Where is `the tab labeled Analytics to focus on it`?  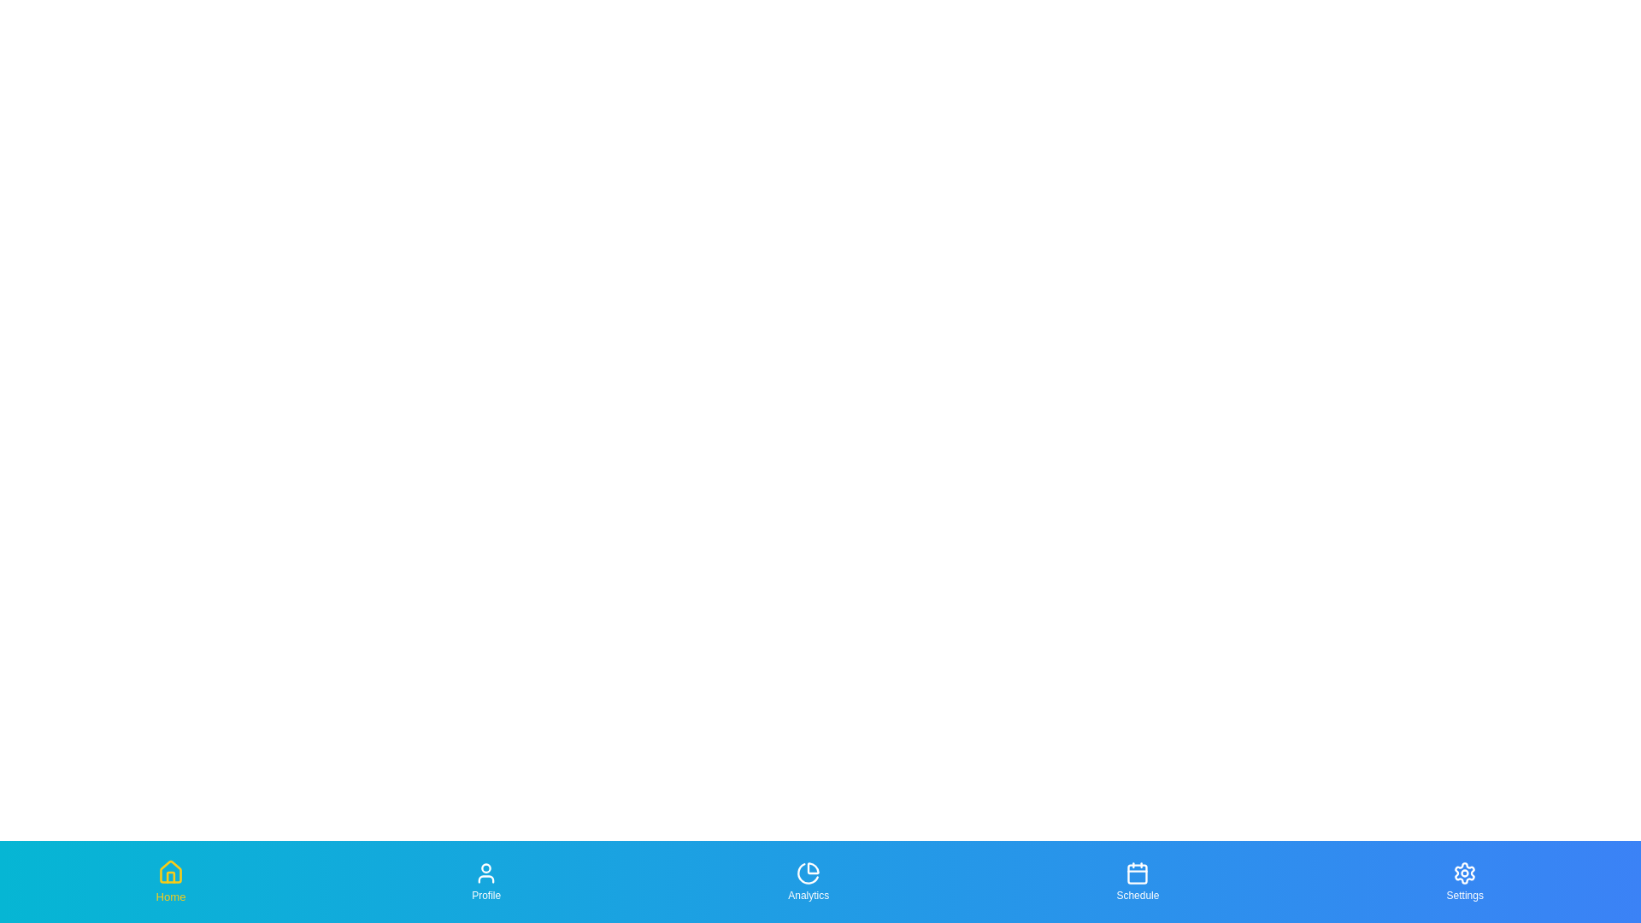 the tab labeled Analytics to focus on it is located at coordinates (807, 882).